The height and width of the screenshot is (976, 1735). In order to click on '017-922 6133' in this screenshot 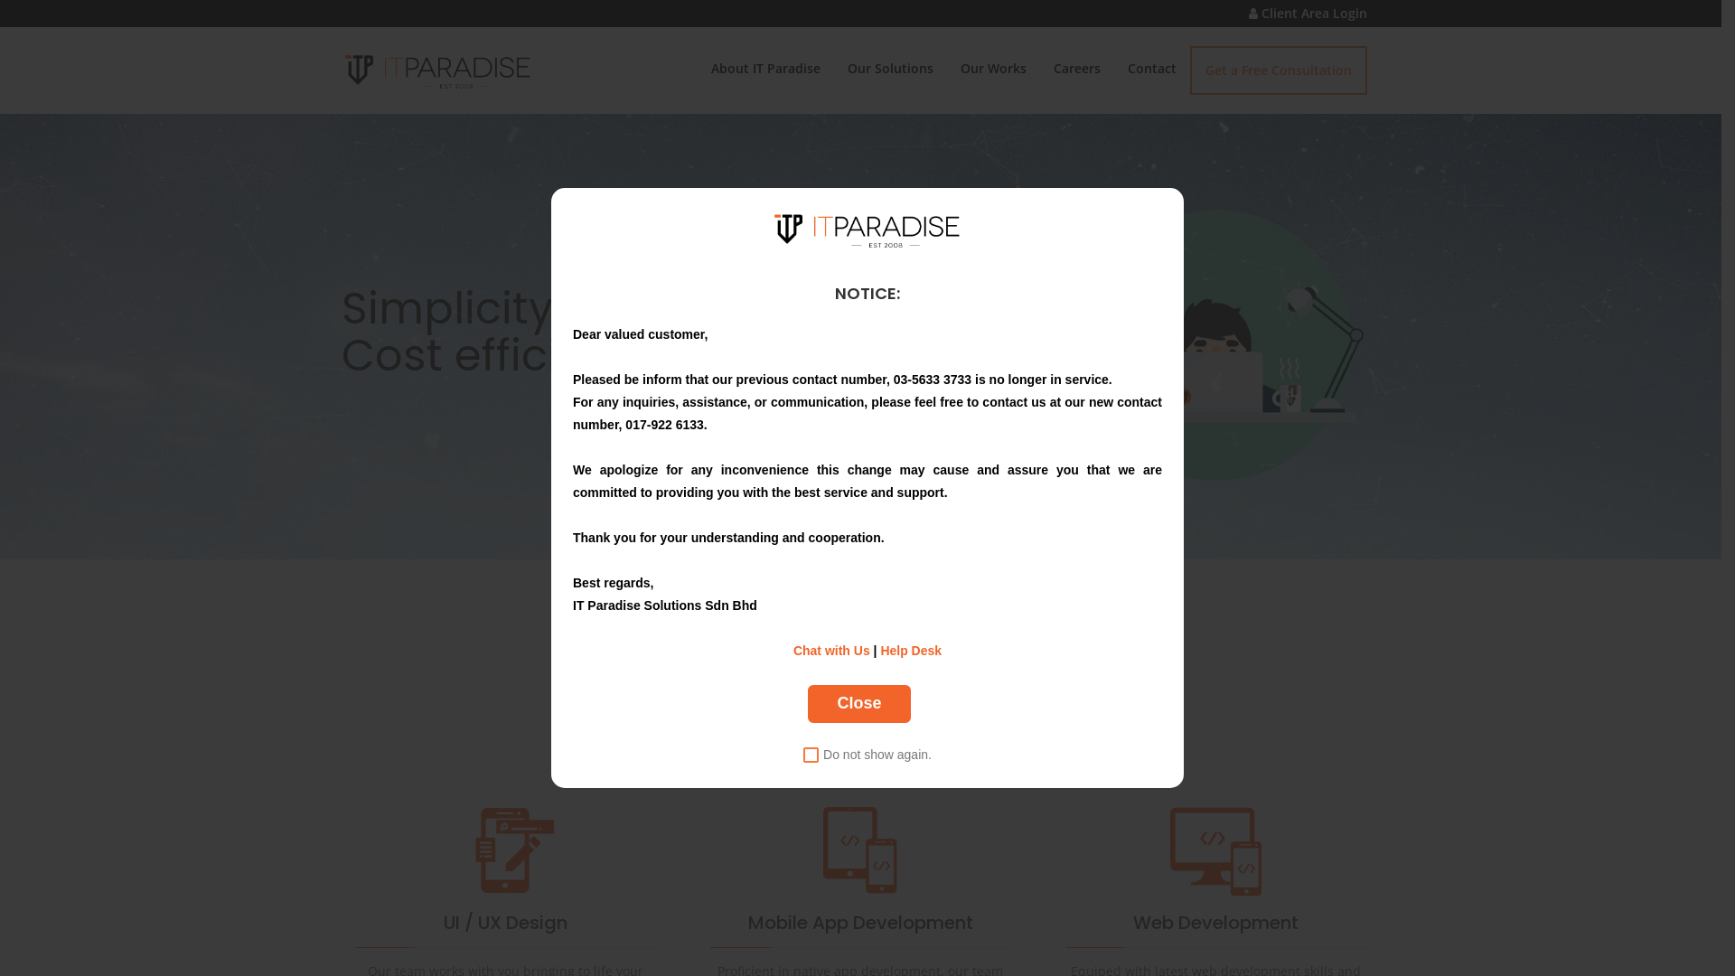, I will do `click(662, 425)`.